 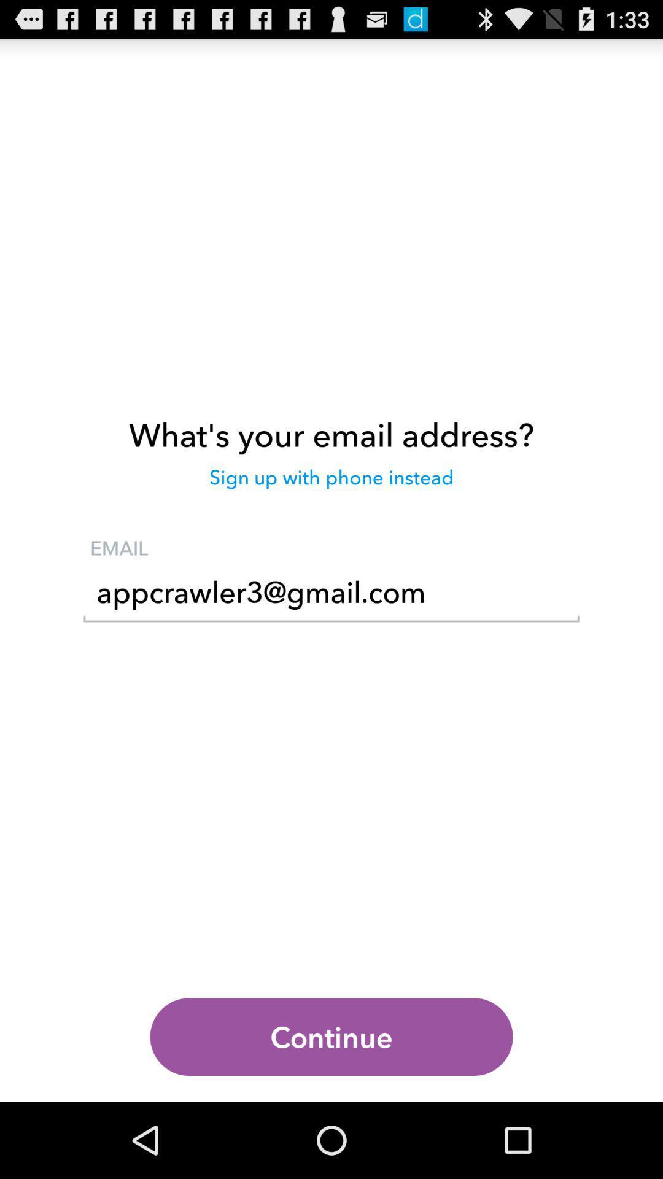 What do you see at coordinates (331, 596) in the screenshot?
I see `appcrawler3@gmail.com icon` at bounding box center [331, 596].